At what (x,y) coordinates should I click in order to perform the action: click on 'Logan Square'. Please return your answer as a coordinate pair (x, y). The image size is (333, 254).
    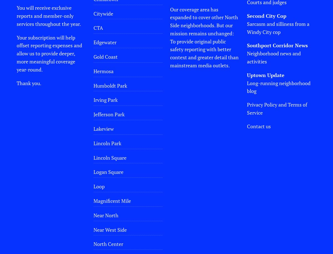
    Looking at the image, I should click on (108, 172).